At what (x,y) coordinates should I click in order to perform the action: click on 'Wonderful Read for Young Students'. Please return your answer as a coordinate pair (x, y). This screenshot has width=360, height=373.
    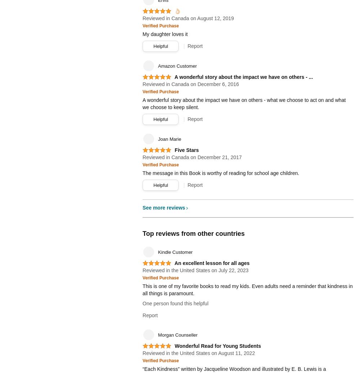
    Looking at the image, I should click on (217, 346).